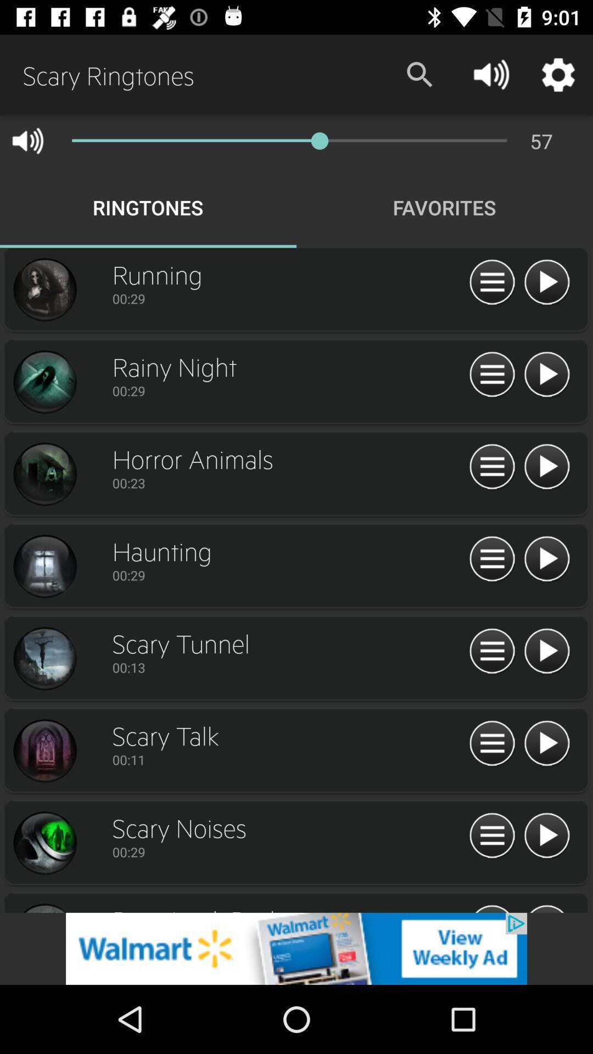 This screenshot has height=1054, width=593. I want to click on open walmart advertisement, so click(296, 948).